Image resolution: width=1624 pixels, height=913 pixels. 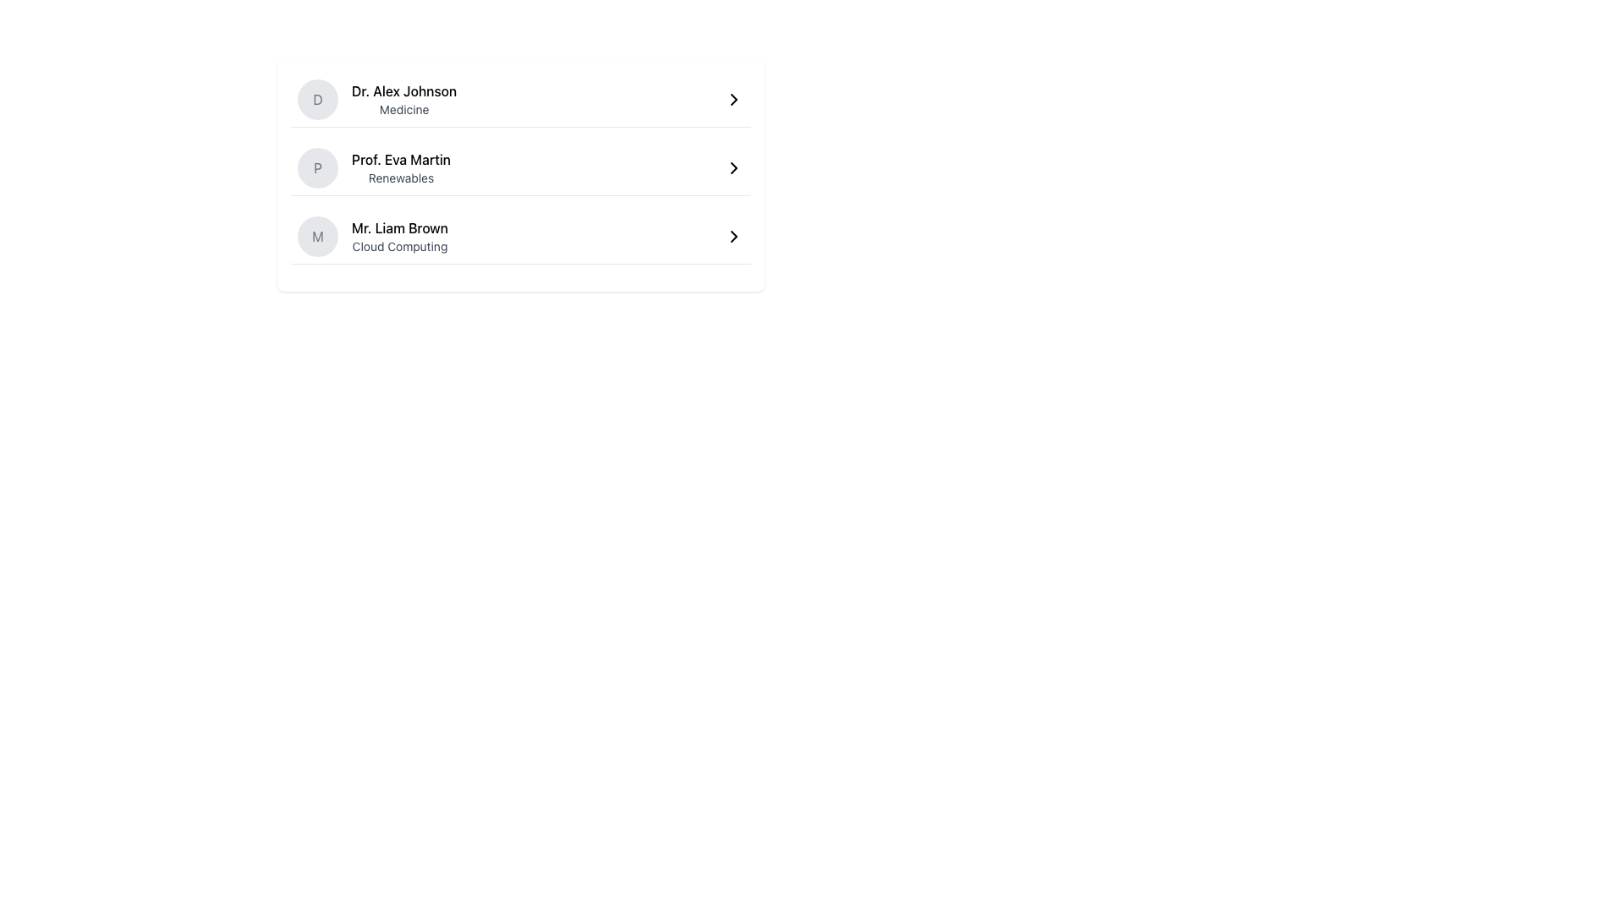 What do you see at coordinates (400, 178) in the screenshot?
I see `the text label displaying 'Renewables' located below 'Prof. Eva Martin' in the profile section of the UI` at bounding box center [400, 178].